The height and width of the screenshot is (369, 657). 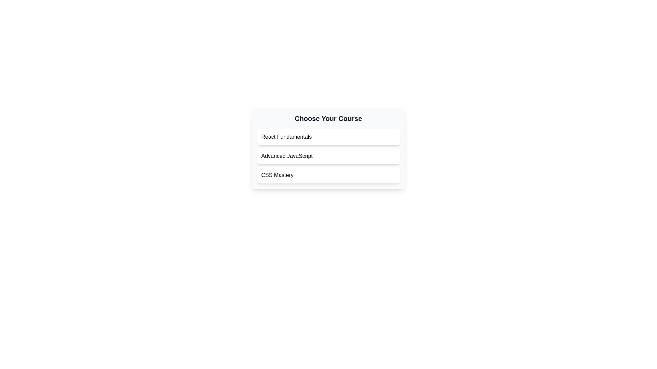 What do you see at coordinates (328, 156) in the screenshot?
I see `the 'Advanced JavaScript' radio button option` at bounding box center [328, 156].